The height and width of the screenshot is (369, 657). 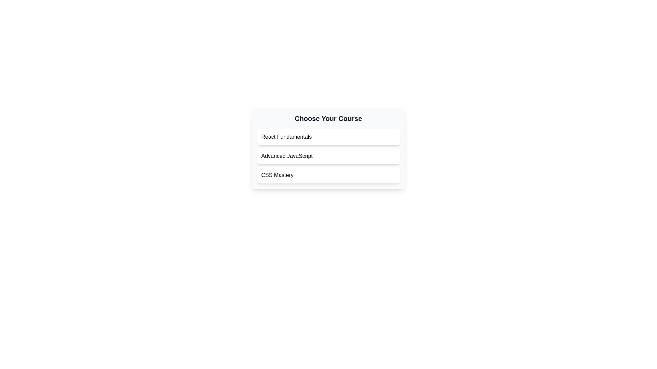 What do you see at coordinates (328, 156) in the screenshot?
I see `the 'Advanced JavaScript' radio button option` at bounding box center [328, 156].